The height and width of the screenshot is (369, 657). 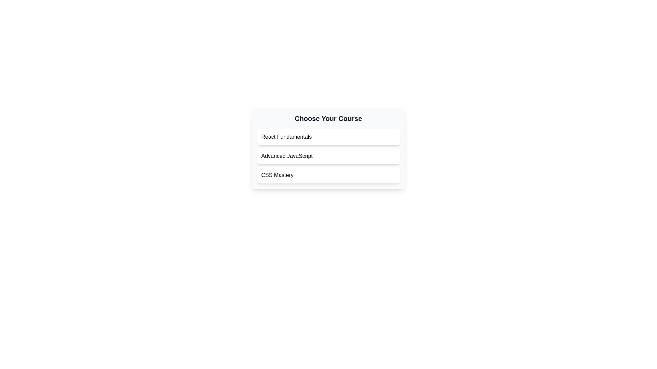 What do you see at coordinates (328, 156) in the screenshot?
I see `the 'Advanced JavaScript' radio button option` at bounding box center [328, 156].